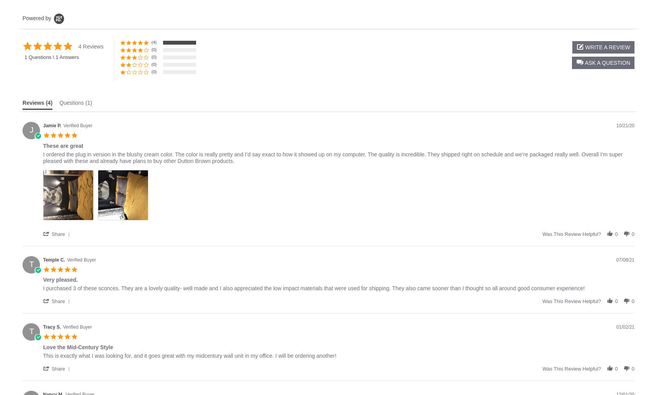 Image resolution: width=657 pixels, height=395 pixels. What do you see at coordinates (90, 46) in the screenshot?
I see `'4 Reviews'` at bounding box center [90, 46].